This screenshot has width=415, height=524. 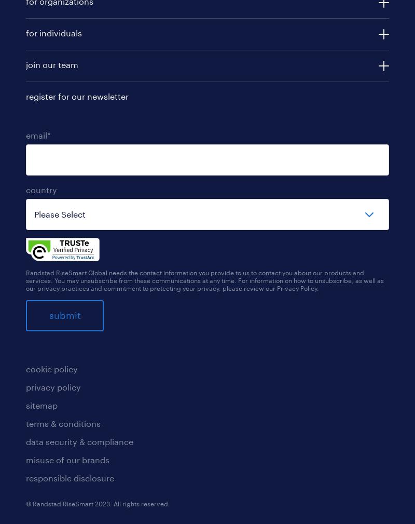 I want to click on 'data security & compliance', so click(x=79, y=441).